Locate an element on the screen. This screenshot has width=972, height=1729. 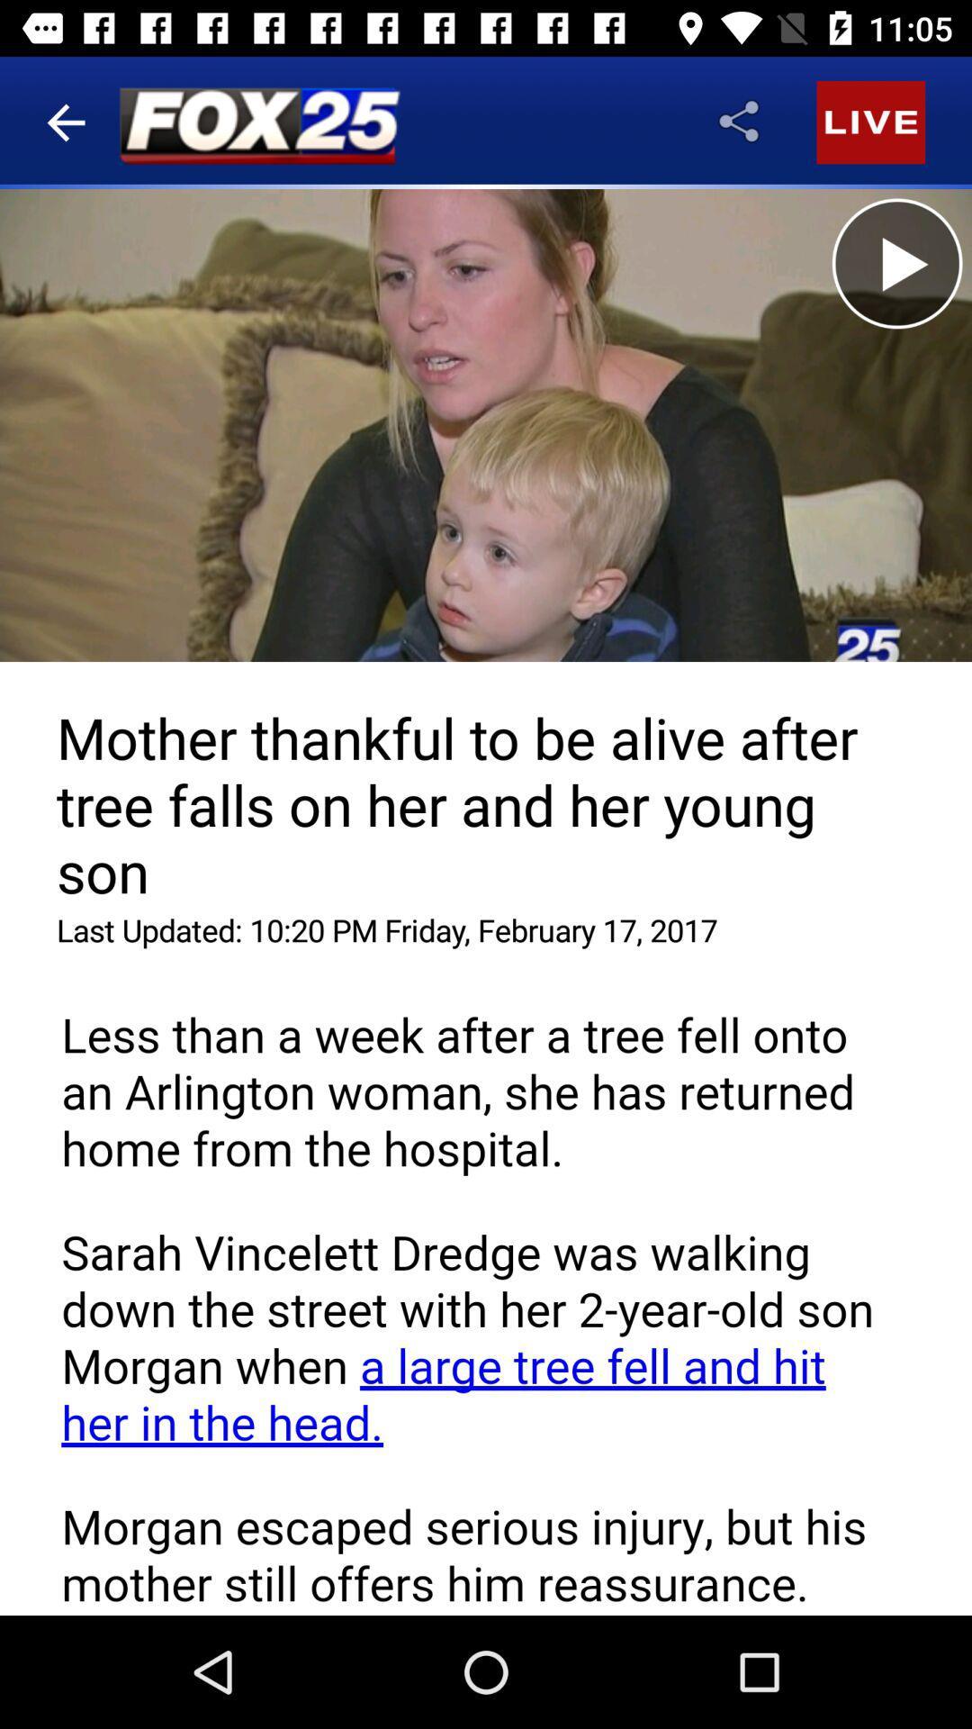
play button below text live is located at coordinates (897, 262).